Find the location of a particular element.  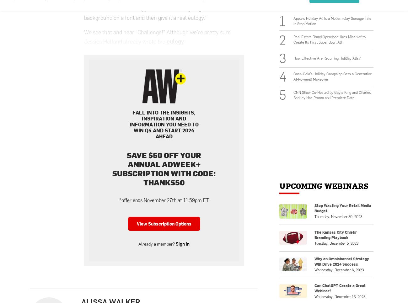

'We see that and hear “Challenge!” Although we’re pretty sure Jessica Helfand already wrote the' is located at coordinates (84, 37).